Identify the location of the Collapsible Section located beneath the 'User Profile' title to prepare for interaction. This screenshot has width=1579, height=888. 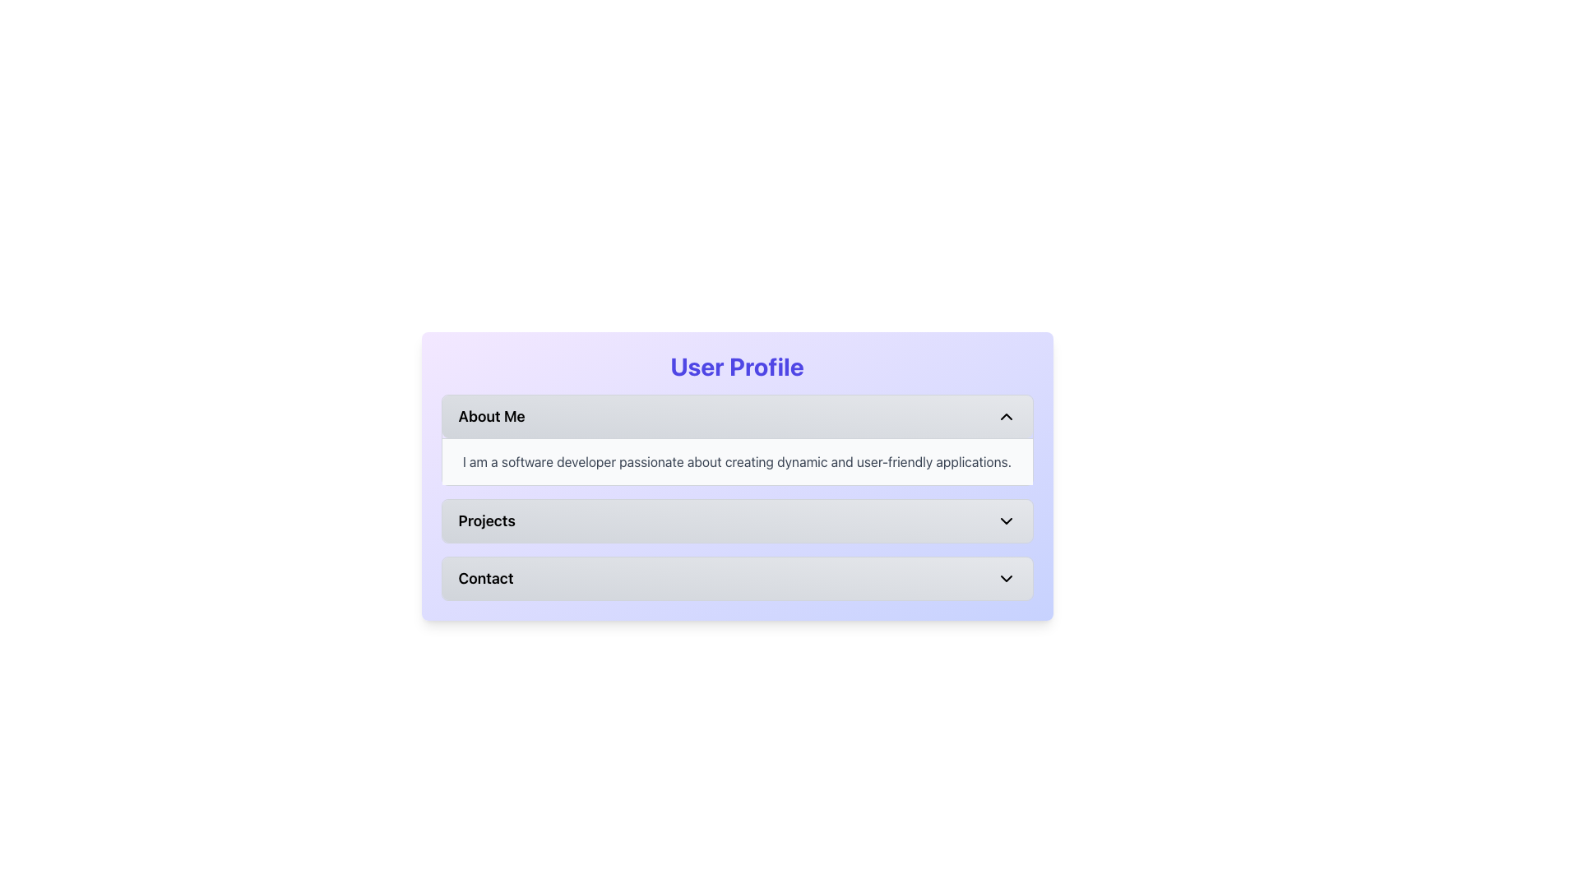
(736, 497).